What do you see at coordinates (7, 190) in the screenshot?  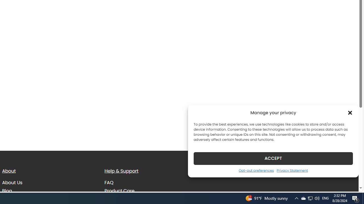 I see `'Blog'` at bounding box center [7, 190].